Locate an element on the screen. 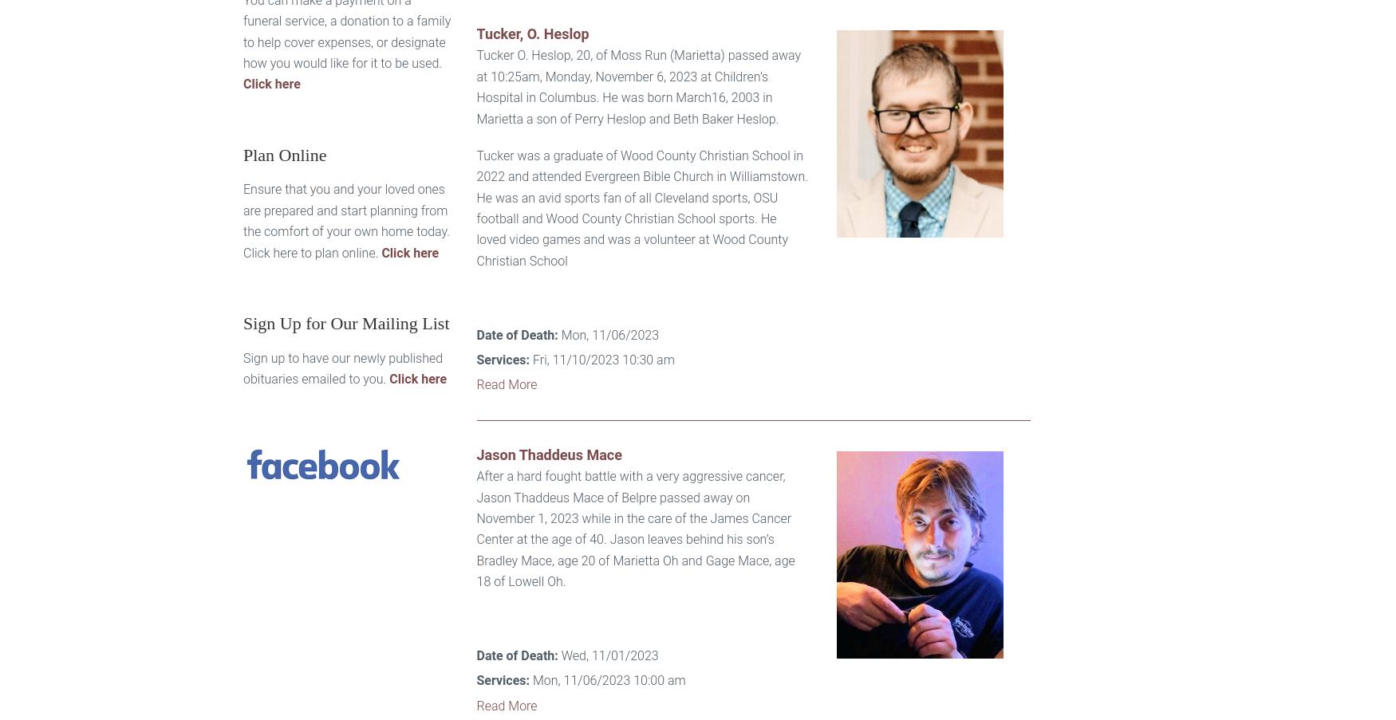  'Sign Up for Our Mailing List' is located at coordinates (345, 322).